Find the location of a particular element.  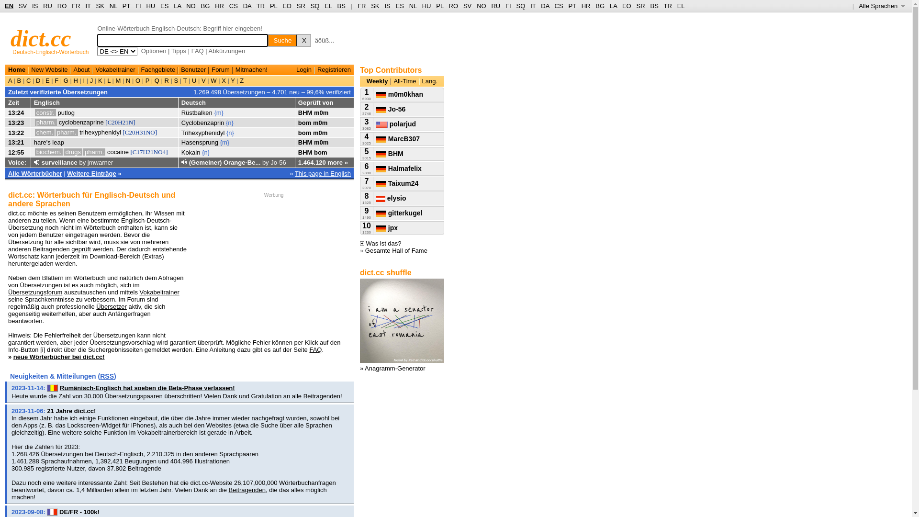

'SV' is located at coordinates (22, 6).